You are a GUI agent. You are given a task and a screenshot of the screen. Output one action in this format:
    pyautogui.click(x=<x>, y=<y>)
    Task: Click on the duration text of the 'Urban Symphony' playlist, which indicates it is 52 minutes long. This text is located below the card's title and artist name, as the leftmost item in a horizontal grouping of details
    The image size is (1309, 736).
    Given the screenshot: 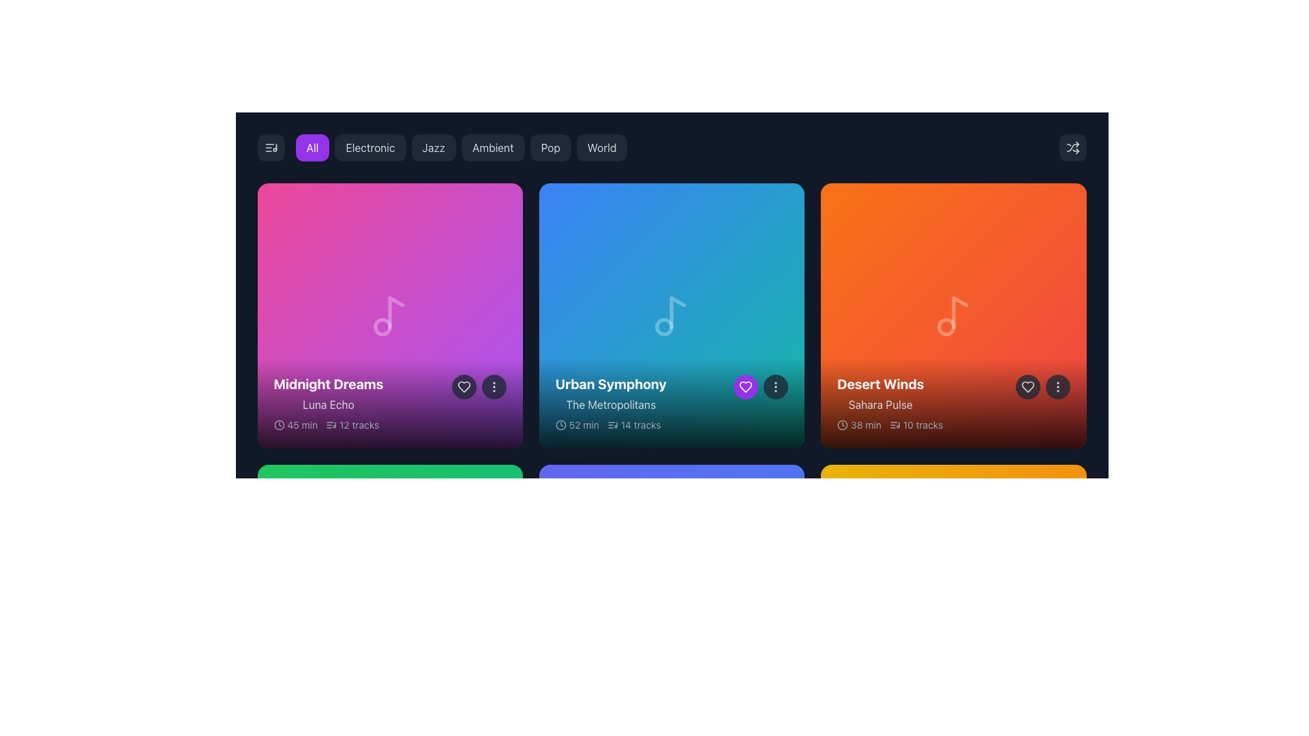 What is the action you would take?
    pyautogui.click(x=577, y=425)
    